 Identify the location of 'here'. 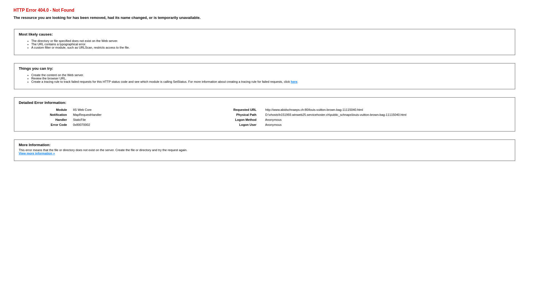
(294, 81).